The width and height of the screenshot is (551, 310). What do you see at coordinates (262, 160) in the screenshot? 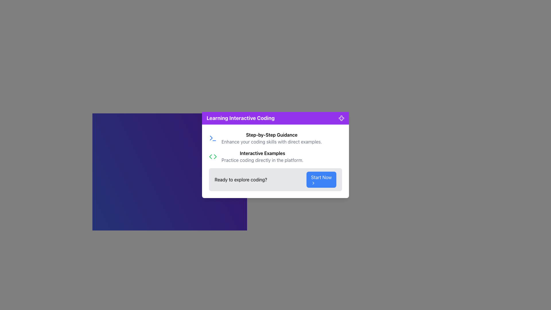
I see `descriptive text label located within the modal window titled 'Learning Interactive Coding', positioned below the heading 'Interactive Examples' and above the 'Start Now' button` at bounding box center [262, 160].